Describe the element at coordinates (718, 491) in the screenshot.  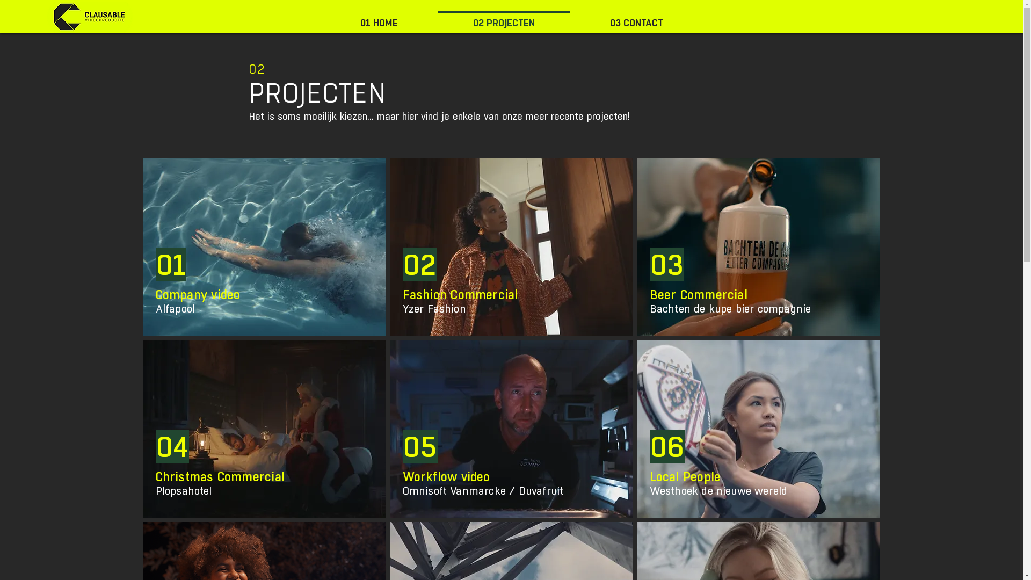
I see `'Westhoek de nieuwe wereld'` at that location.